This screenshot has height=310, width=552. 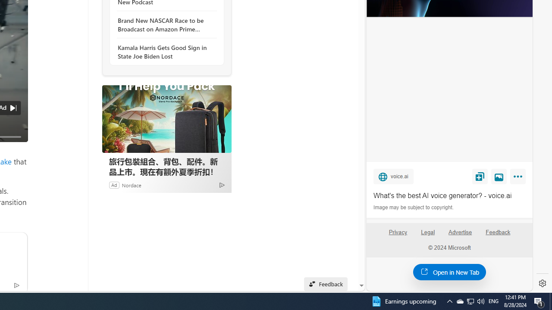 What do you see at coordinates (113, 184) in the screenshot?
I see `'Ad'` at bounding box center [113, 184].